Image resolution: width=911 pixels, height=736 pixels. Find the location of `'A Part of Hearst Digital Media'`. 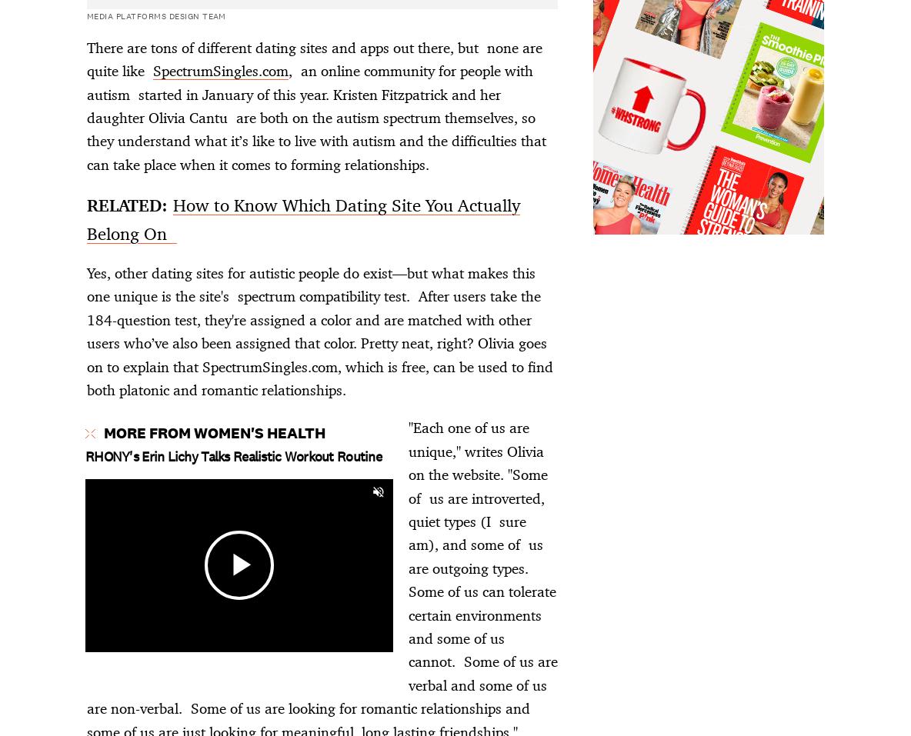

'A Part of Hearst Digital Media' is located at coordinates (30, 653).